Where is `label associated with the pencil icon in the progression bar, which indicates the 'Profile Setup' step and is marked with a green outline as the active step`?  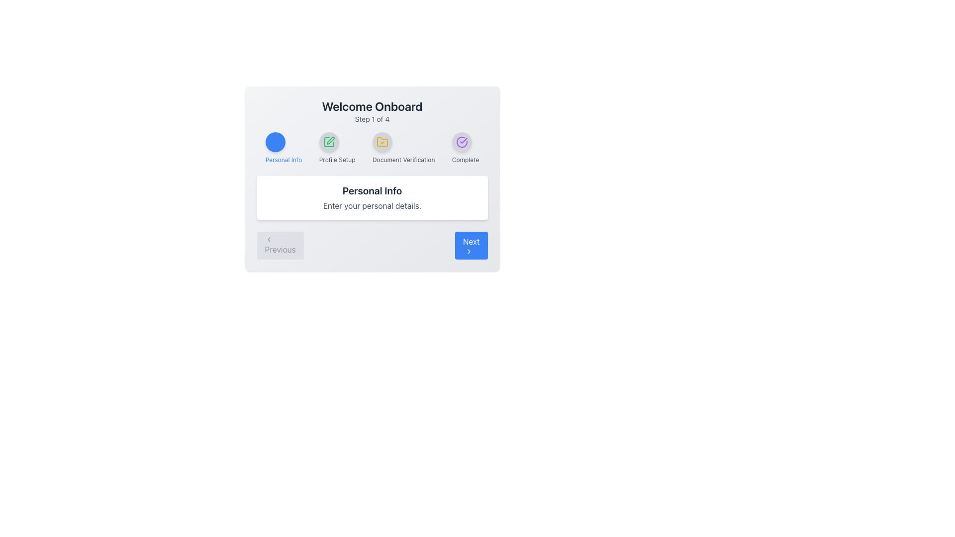
label associated with the pencil icon in the progression bar, which indicates the 'Profile Setup' step and is marked with a green outline as the active step is located at coordinates (329, 142).